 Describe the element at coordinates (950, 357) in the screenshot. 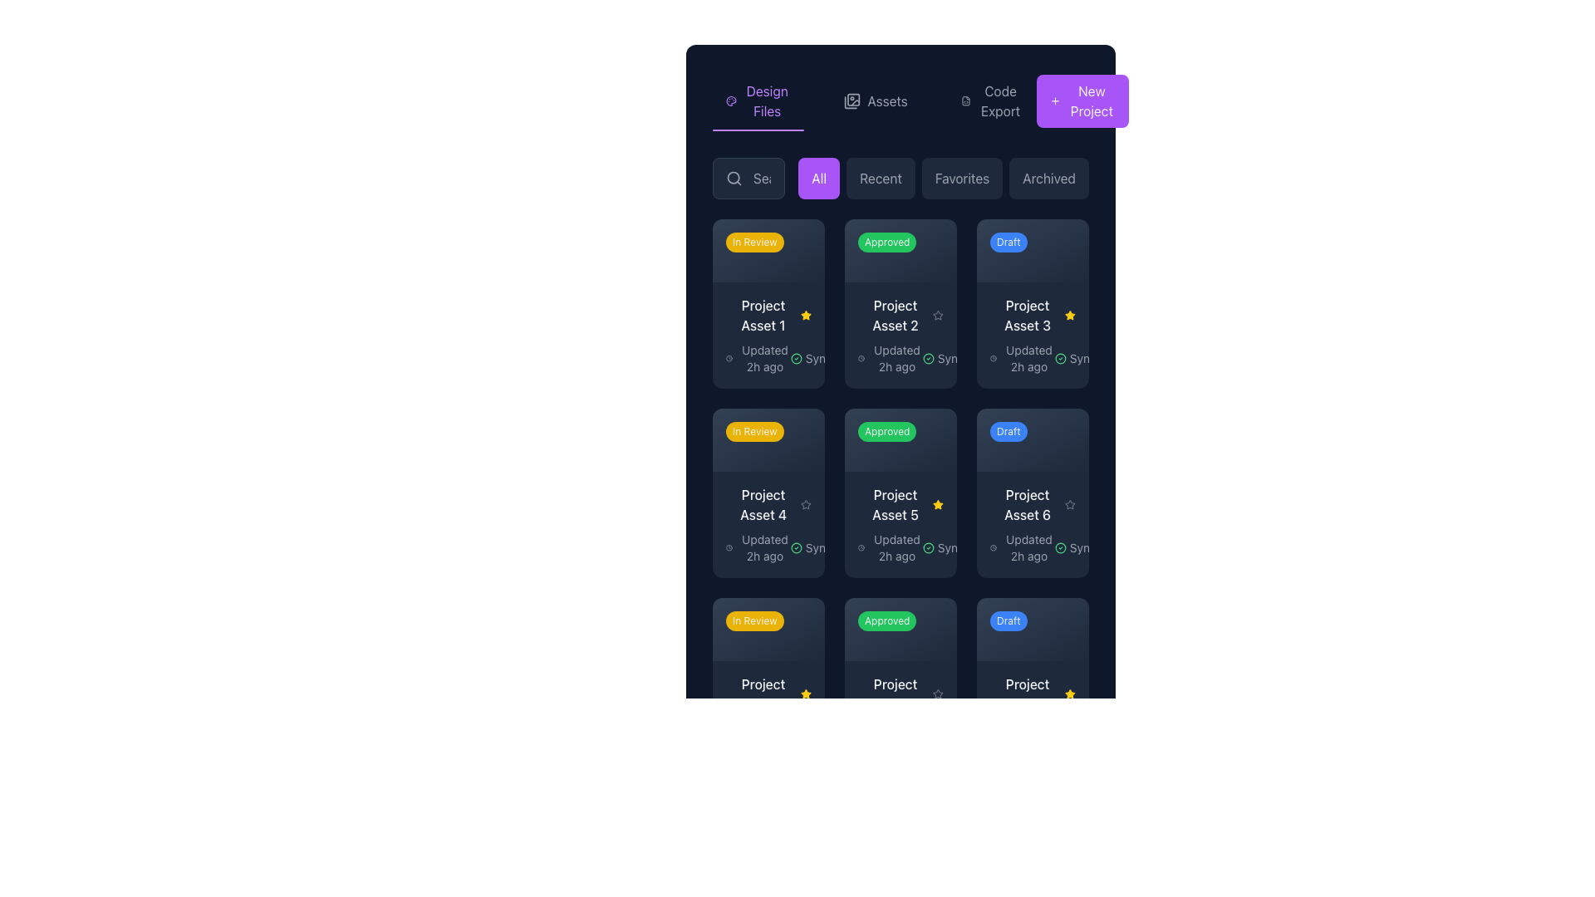

I see `the synchronization status label with icon located in the summary section under the 'Project Asset 2' card in the second column, positioned below the 'Updated 2h ago' label` at that location.